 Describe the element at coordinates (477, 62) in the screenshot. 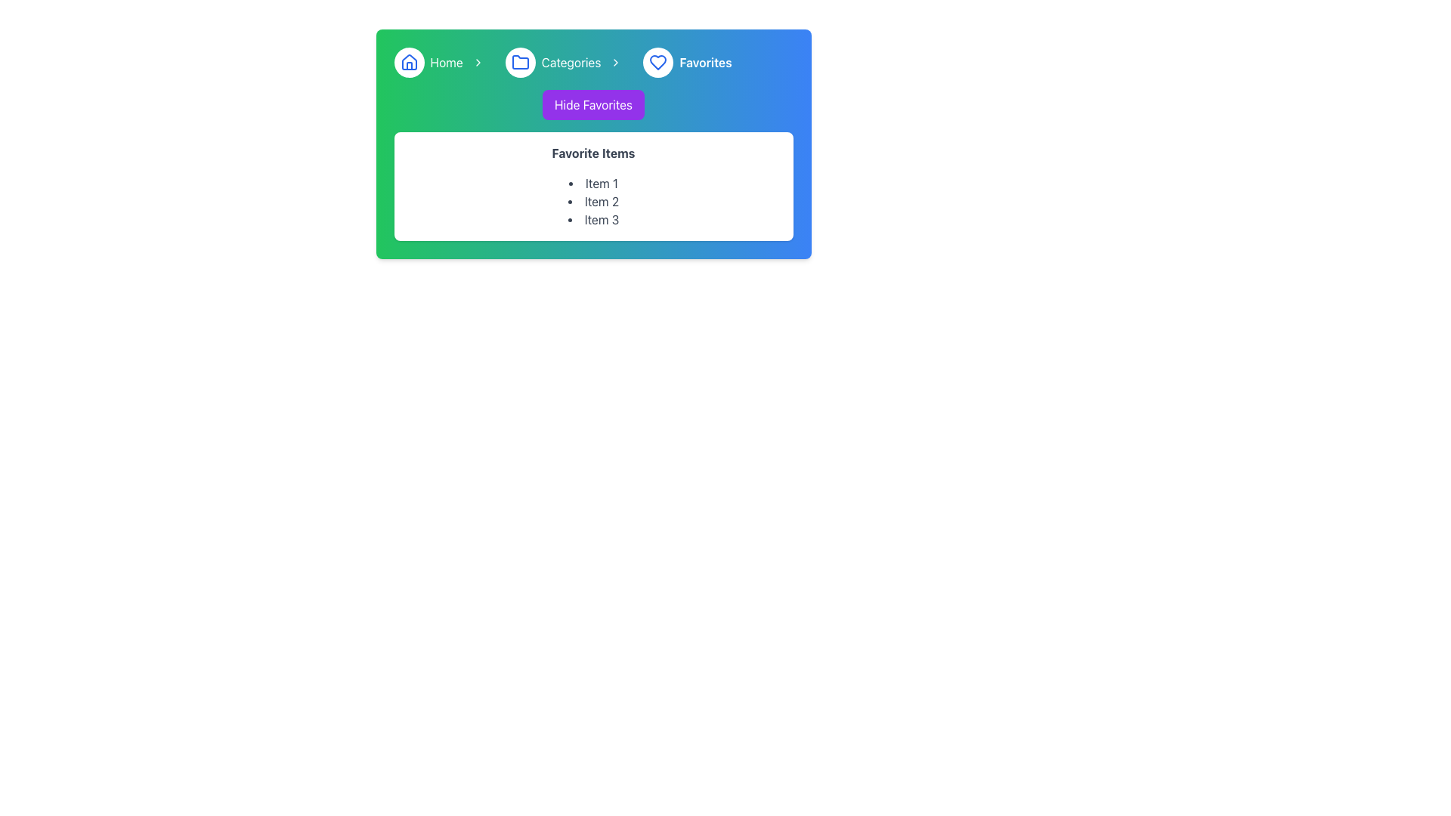

I see `the breadcrumb separator icon that is located between 'Home' and 'Categories', aligned horizontally with the breadcrumb text elements` at that location.